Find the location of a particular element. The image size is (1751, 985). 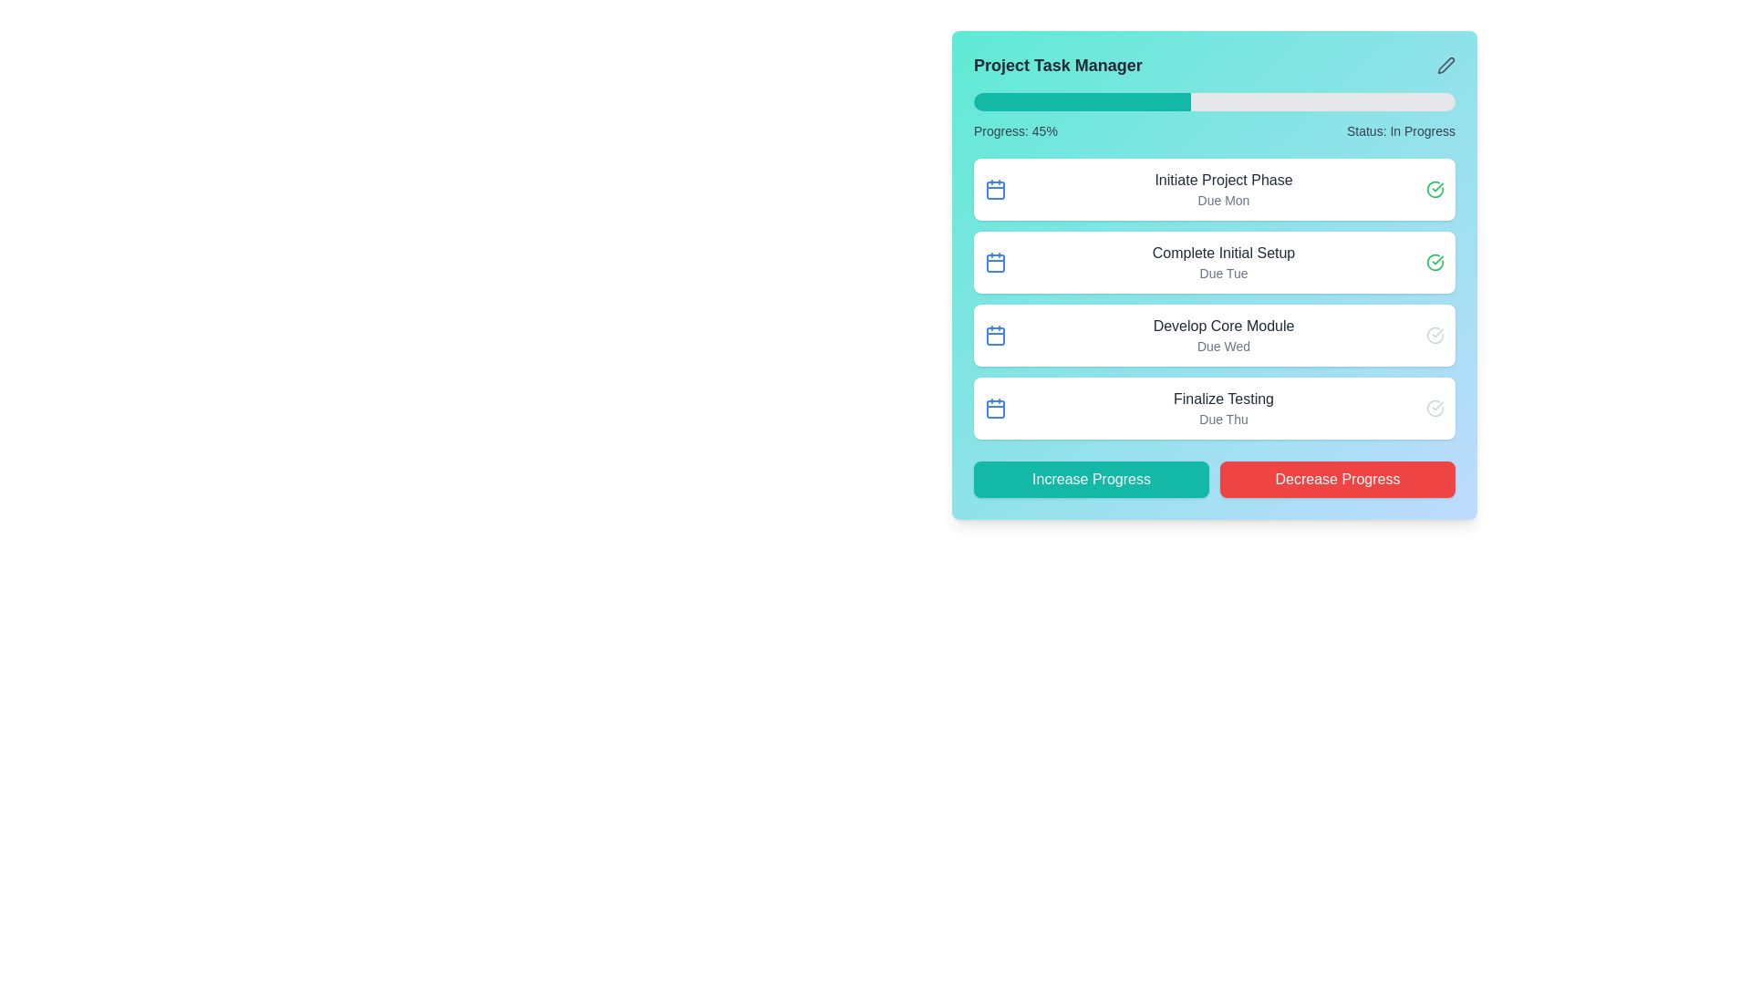

text of the Text label containing 'Develop Core Module', which is styled in medium weight and grayish color, located in the third list item of the vertical task list is located at coordinates (1224, 326).